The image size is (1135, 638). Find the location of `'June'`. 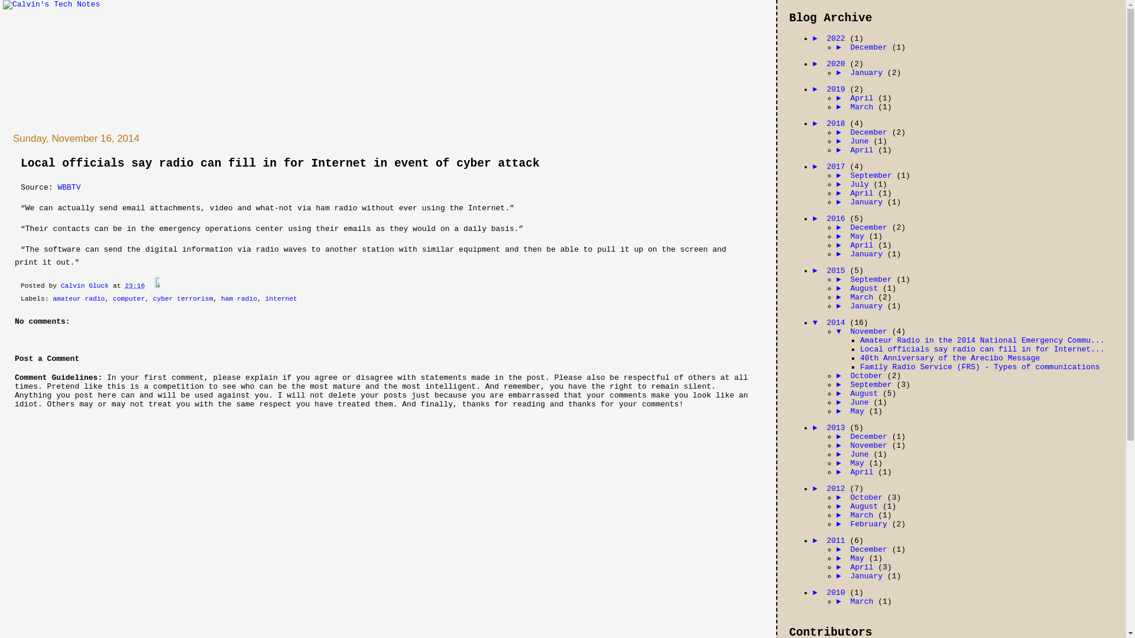

'June' is located at coordinates (861, 402).